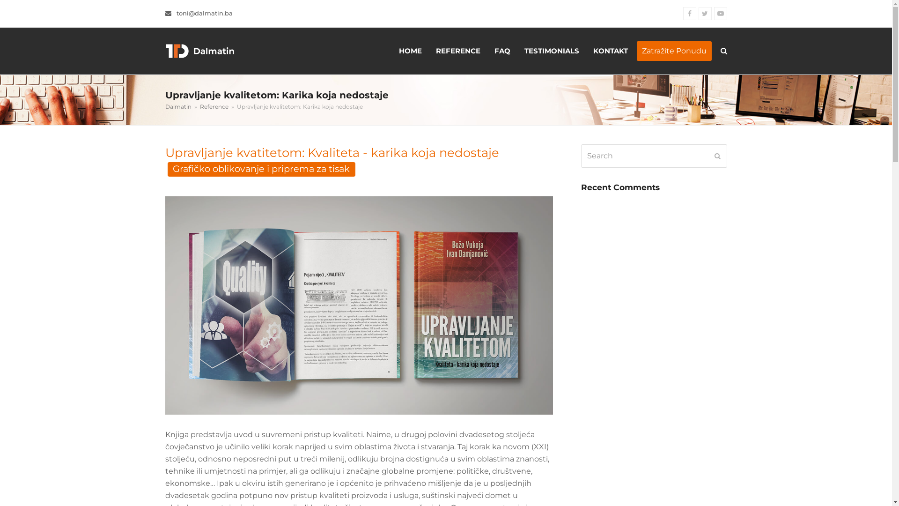 This screenshot has height=506, width=899. I want to click on 'Twitter', so click(699, 14).